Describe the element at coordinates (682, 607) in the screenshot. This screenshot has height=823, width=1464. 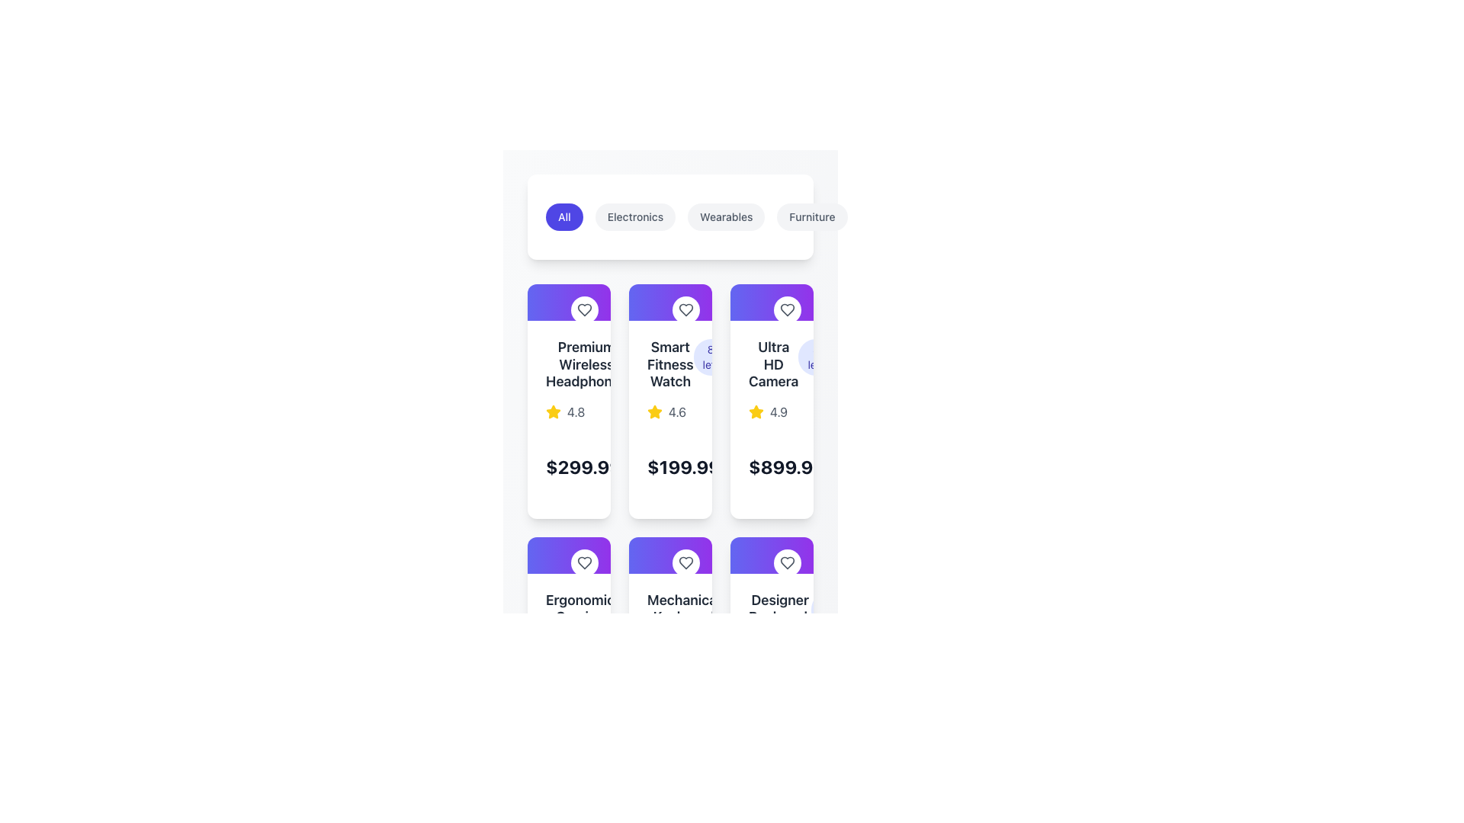
I see `the 'Mechanical Keyboard' text label, which is styled with a large, bold, dark gray font and positioned centrally in the lower section of its card layout` at that location.